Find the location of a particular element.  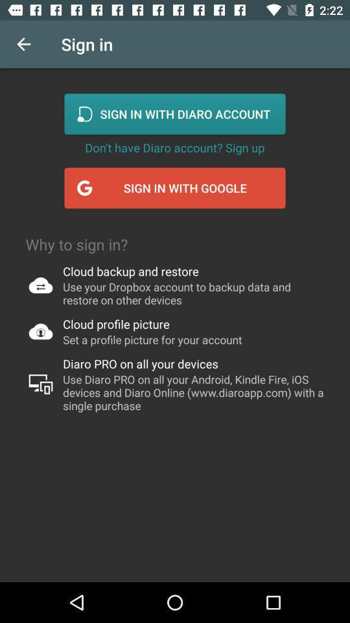

the don t have icon is located at coordinates (174, 147).